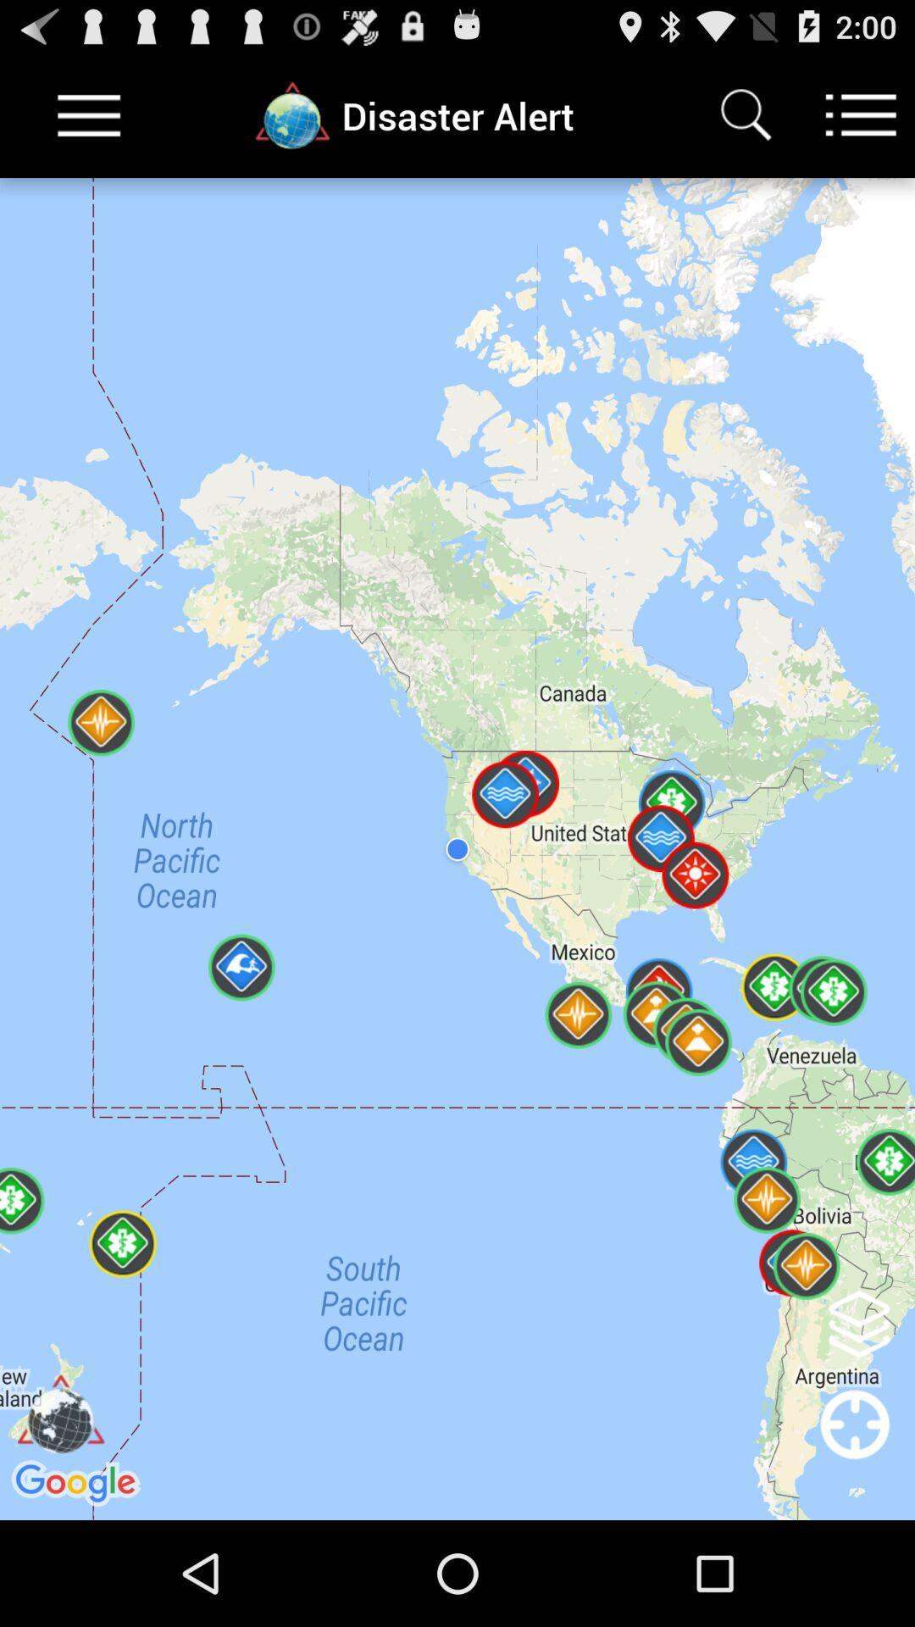 This screenshot has width=915, height=1627. What do you see at coordinates (859, 1412) in the screenshot?
I see `the layers icon` at bounding box center [859, 1412].